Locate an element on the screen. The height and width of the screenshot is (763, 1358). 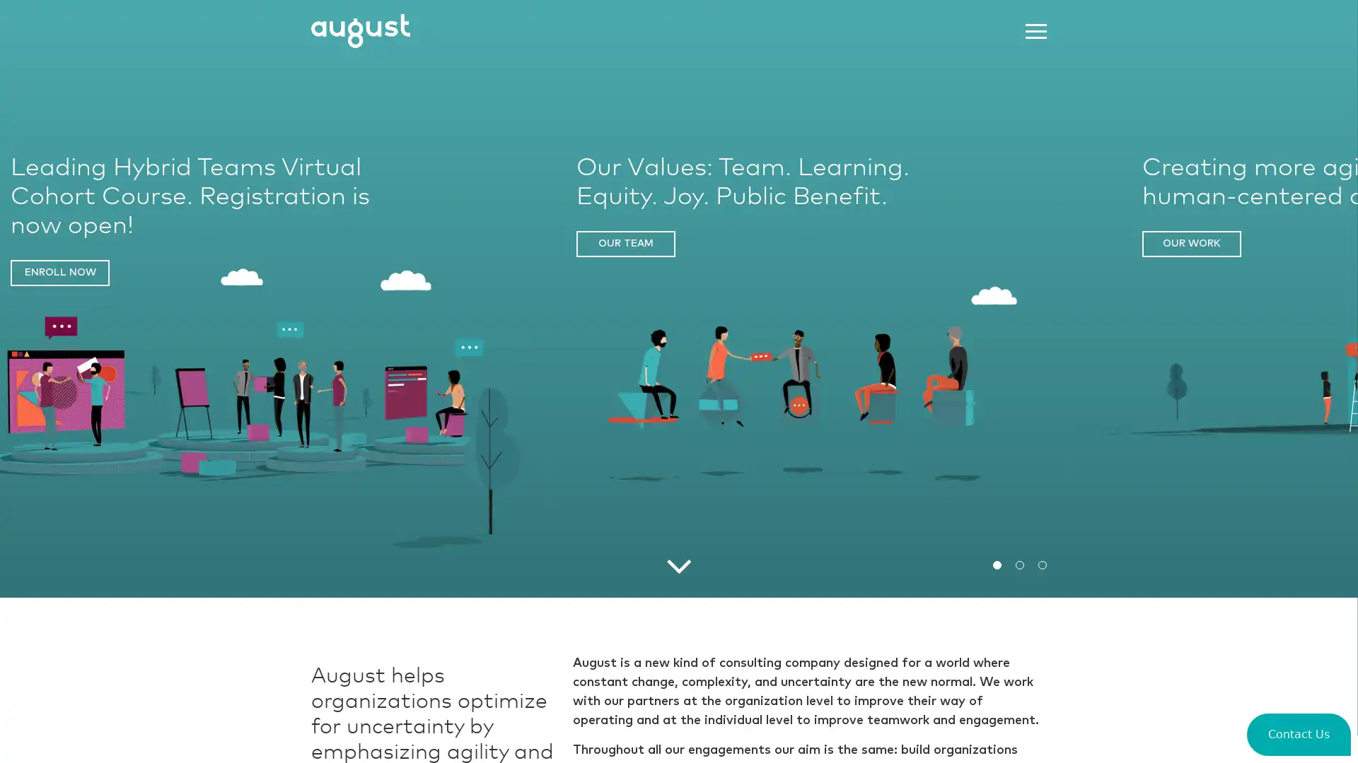
Menu is located at coordinates (1035, 30).